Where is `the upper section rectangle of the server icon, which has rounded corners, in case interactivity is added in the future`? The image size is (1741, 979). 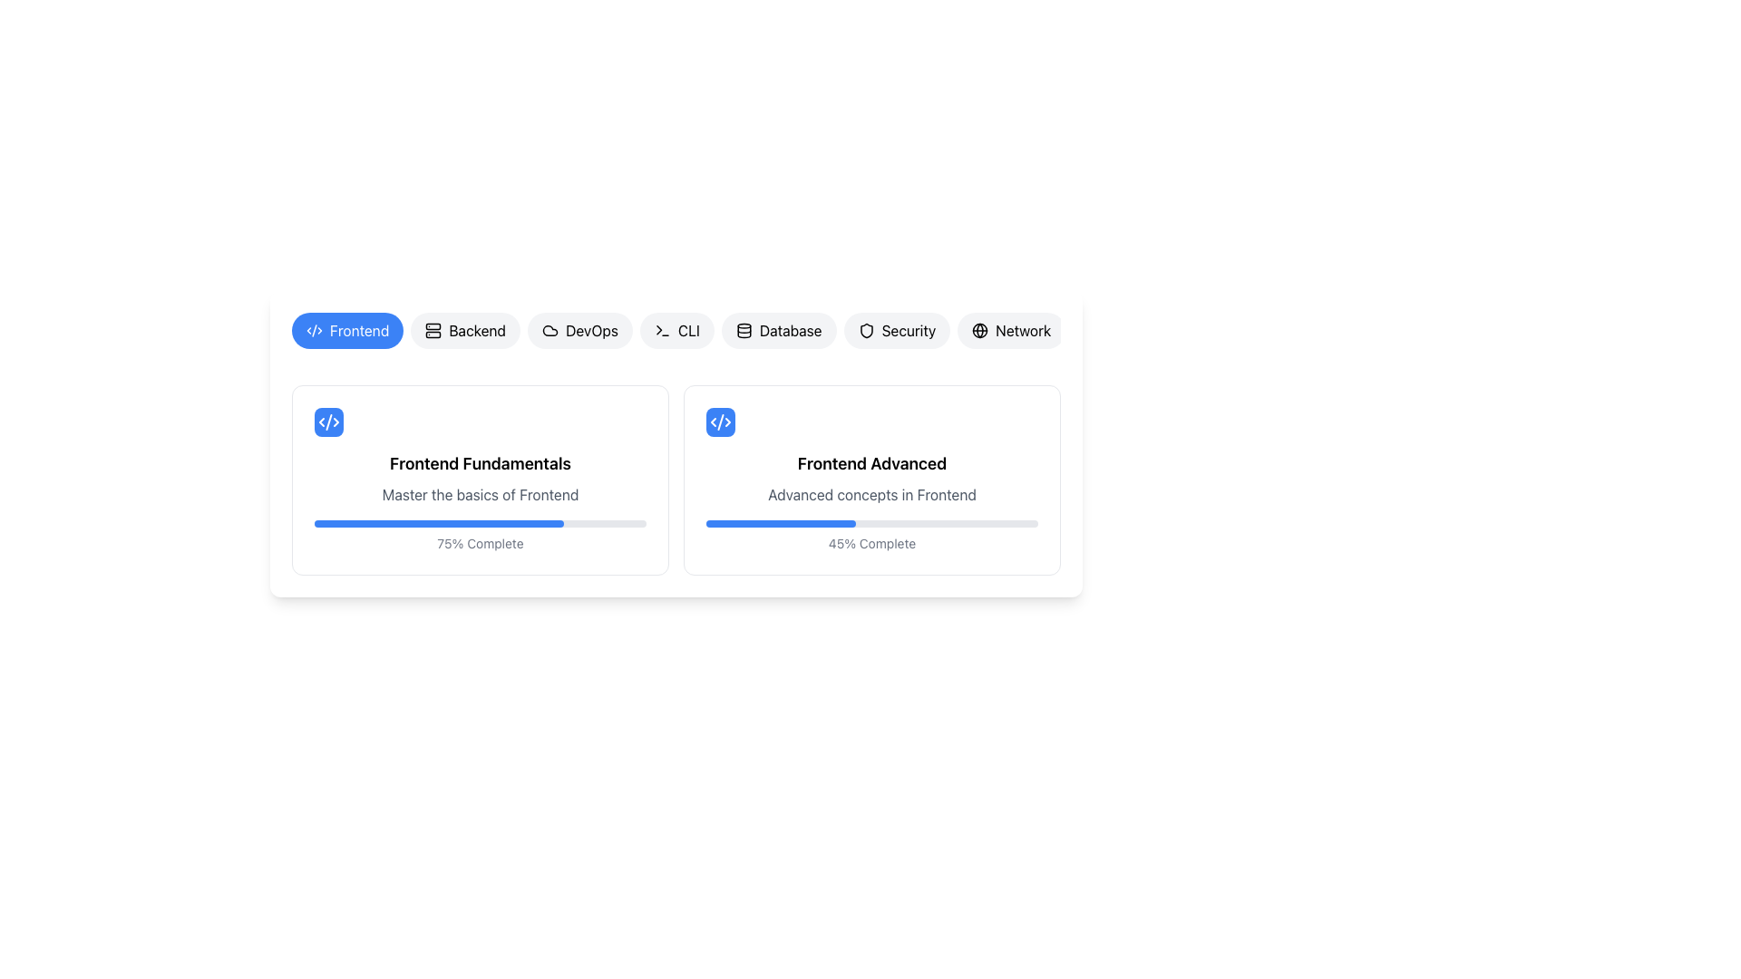
the upper section rectangle of the server icon, which has rounded corners, in case interactivity is added in the future is located at coordinates (433, 326).